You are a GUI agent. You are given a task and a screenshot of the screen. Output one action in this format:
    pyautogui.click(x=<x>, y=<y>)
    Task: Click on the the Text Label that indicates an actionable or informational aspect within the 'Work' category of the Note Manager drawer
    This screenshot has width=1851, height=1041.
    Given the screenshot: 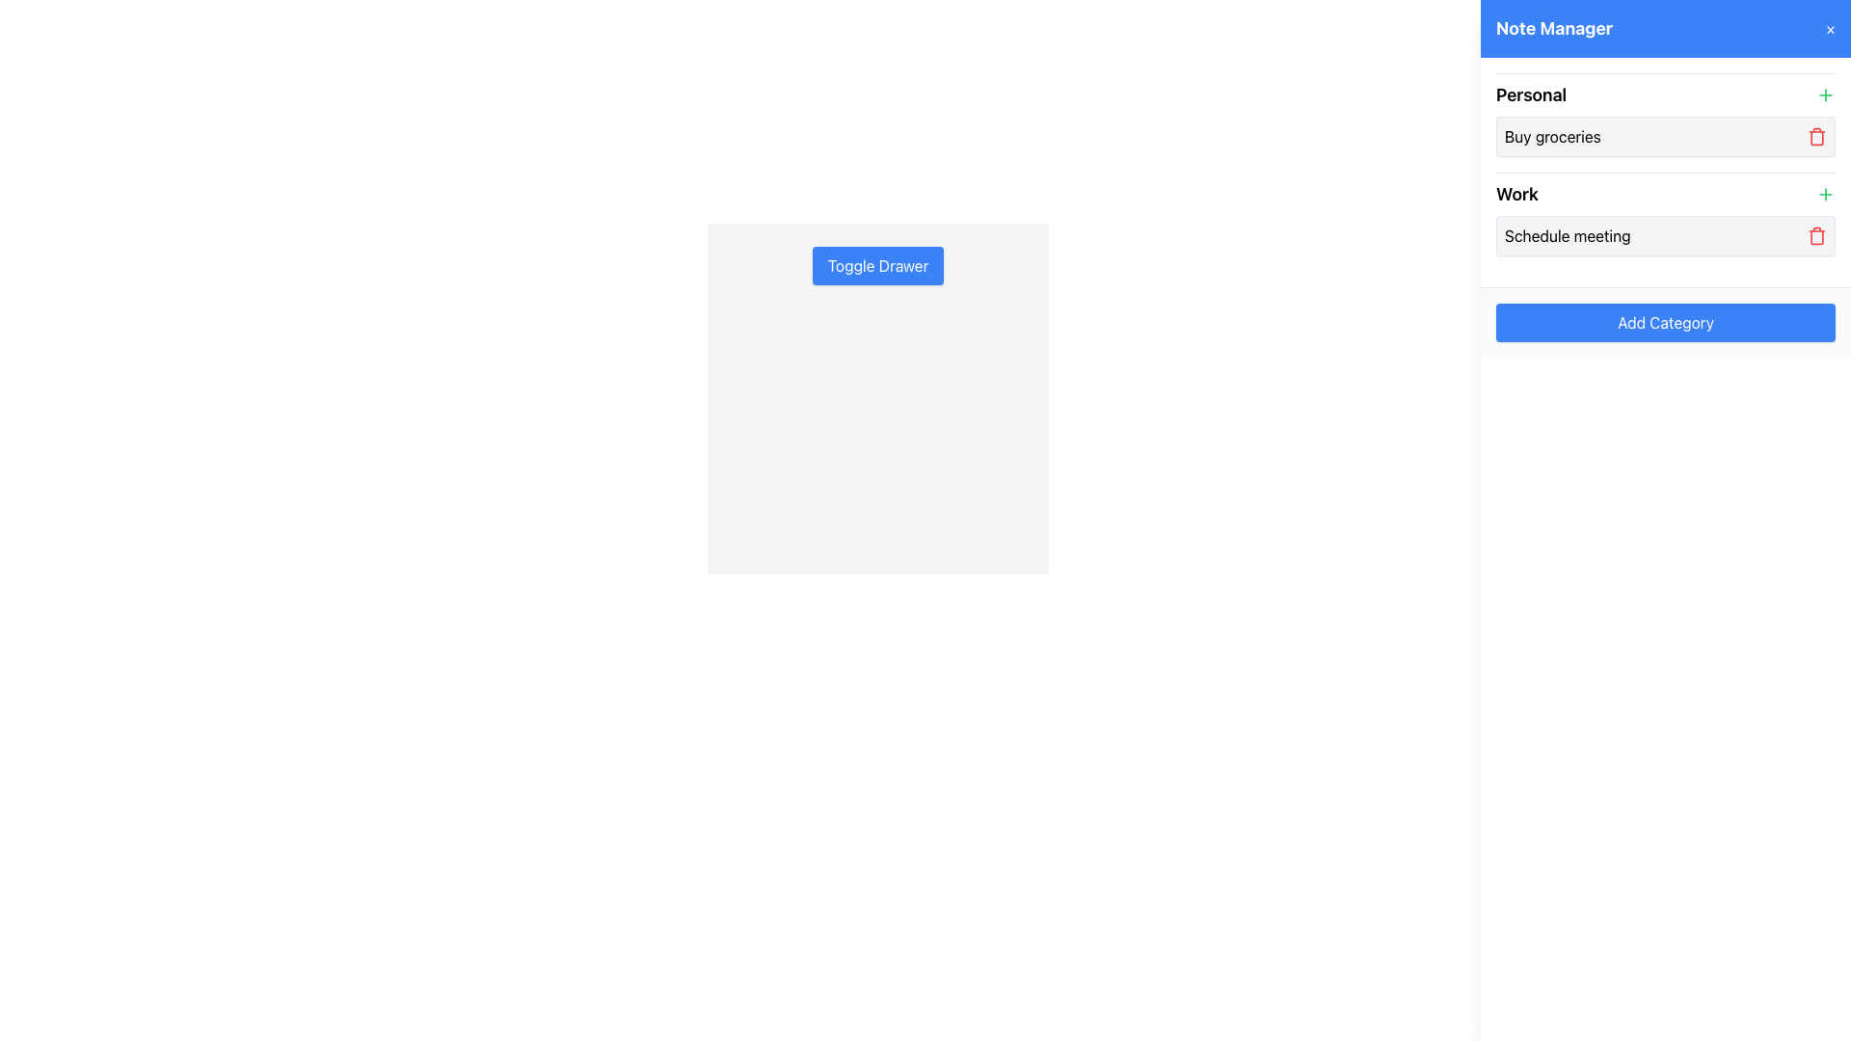 What is the action you would take?
    pyautogui.click(x=1568, y=235)
    